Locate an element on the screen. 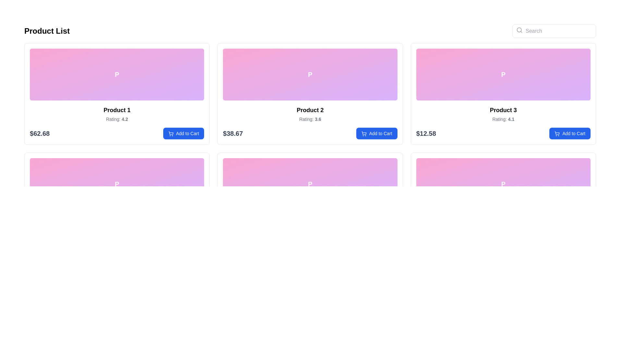 Image resolution: width=623 pixels, height=350 pixels. the 'Add to Cart' button, which is visually enhanced by the SVG graphic icon located to the left of the button text is located at coordinates (171, 134).